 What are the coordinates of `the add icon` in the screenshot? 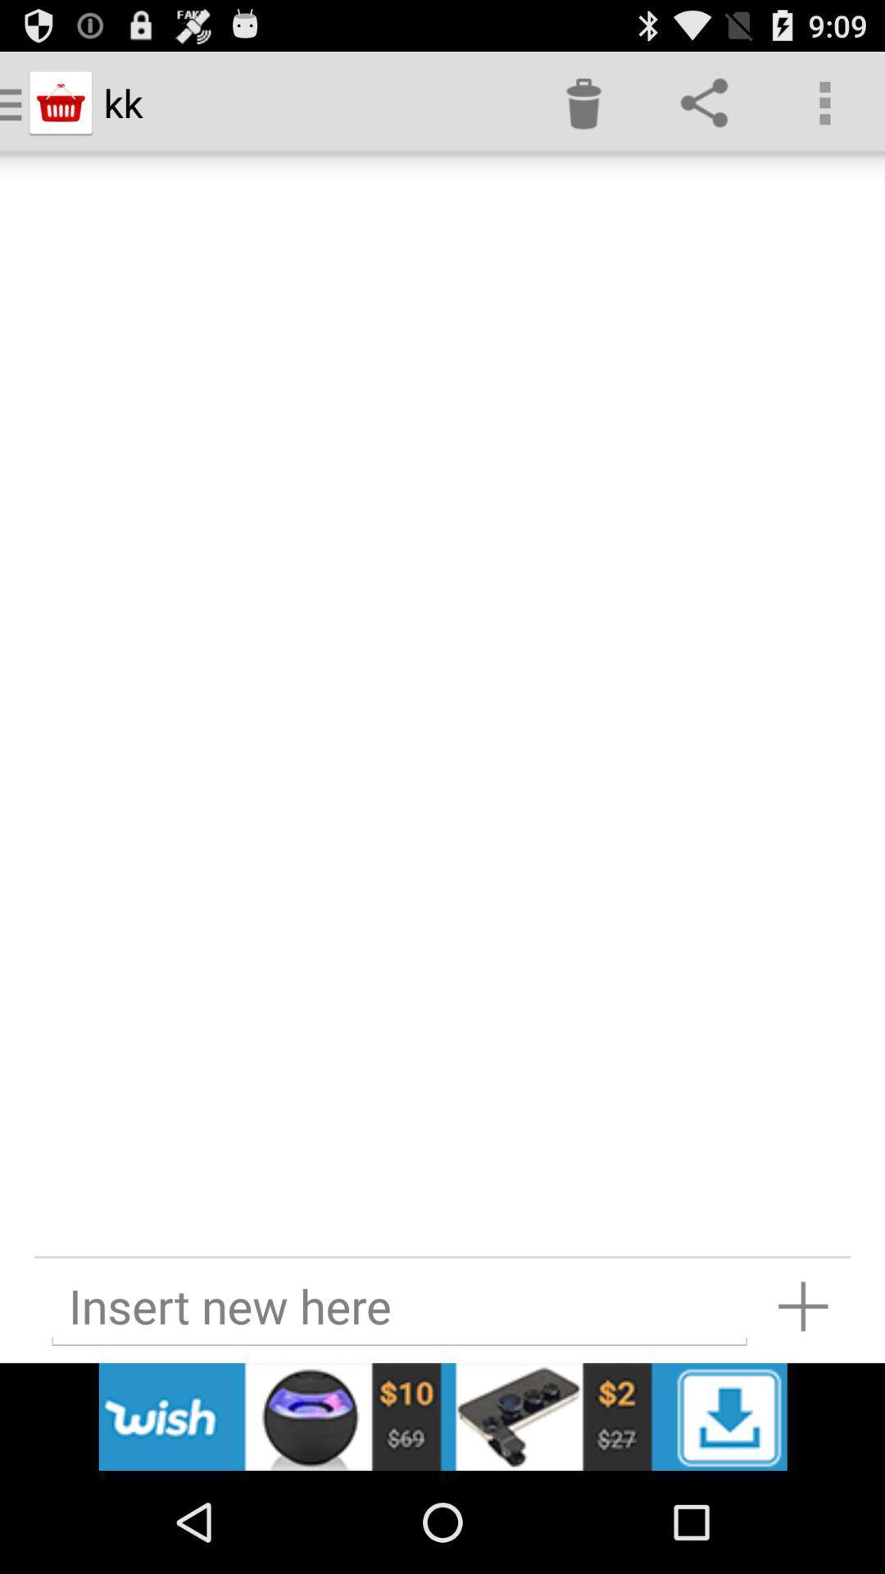 It's located at (802, 1397).